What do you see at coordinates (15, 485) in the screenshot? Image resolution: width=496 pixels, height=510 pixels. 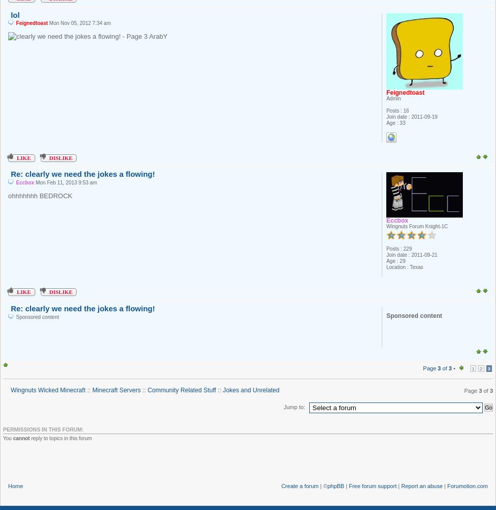 I see `'Home'` at bounding box center [15, 485].